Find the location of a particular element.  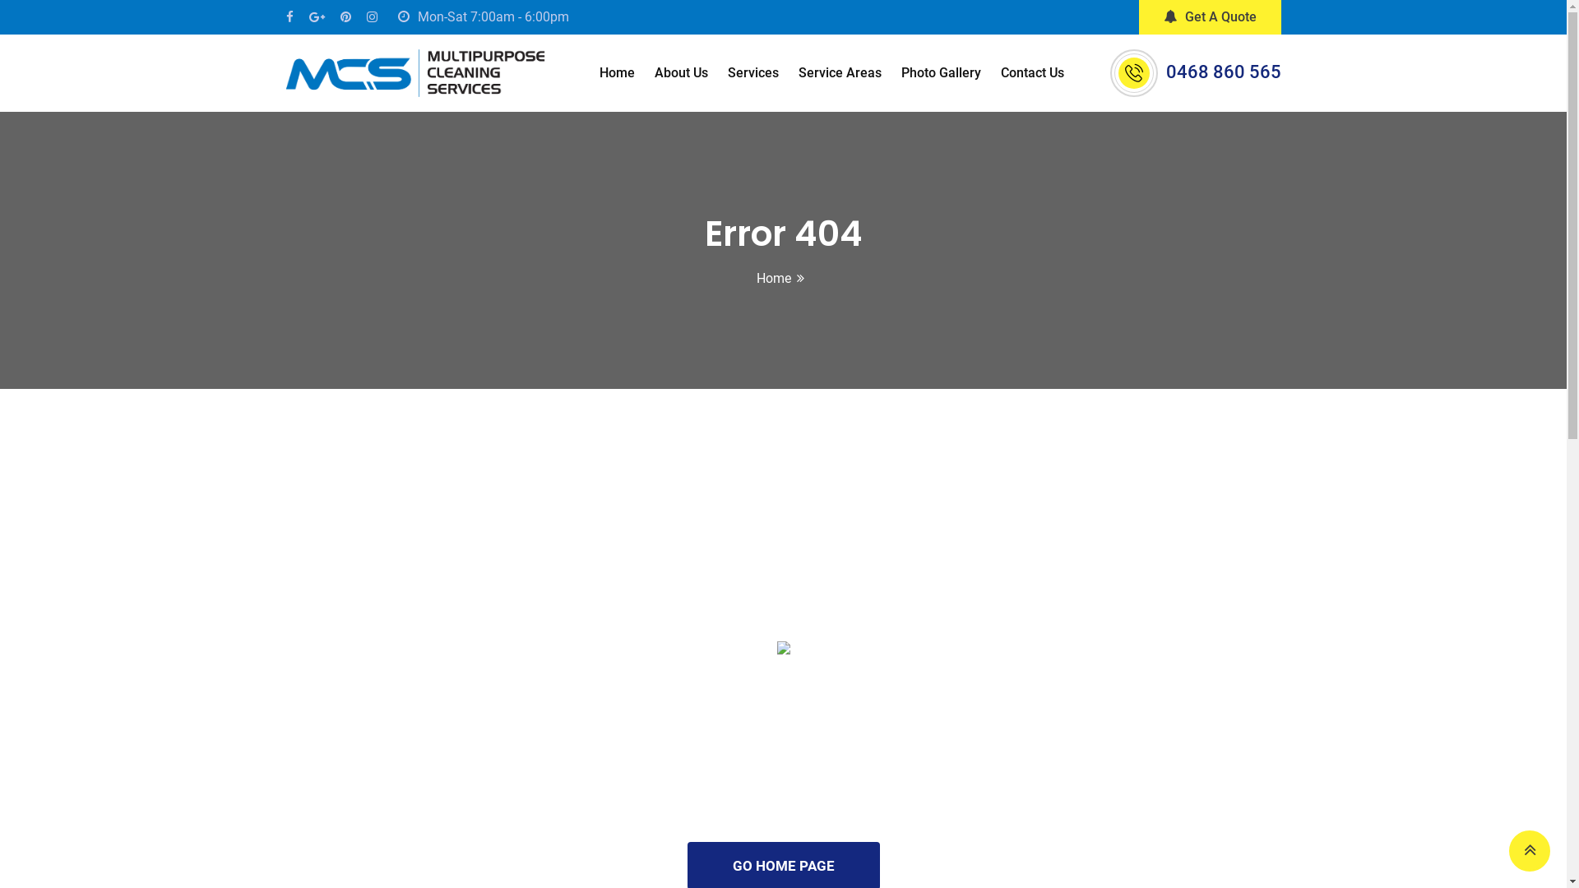

'About Us' is located at coordinates (681, 72).